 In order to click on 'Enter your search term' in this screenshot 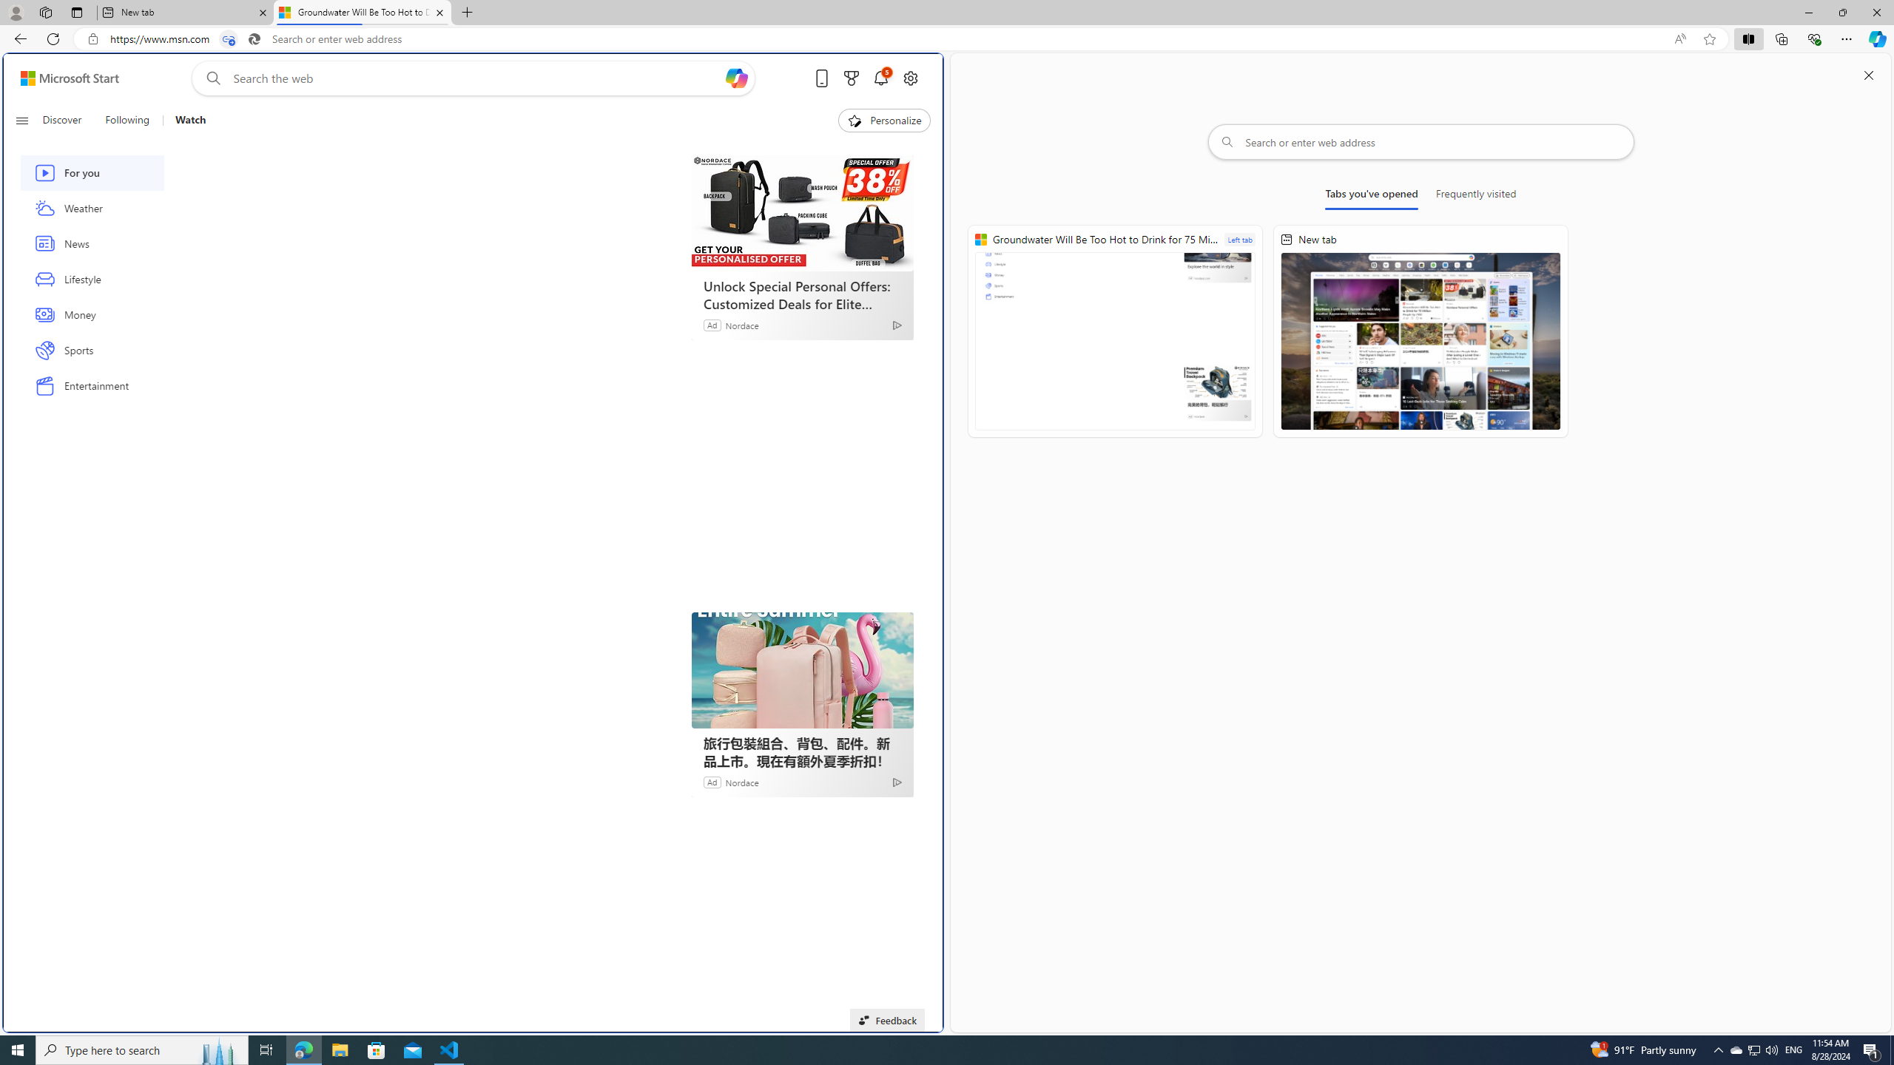, I will do `click(476, 77)`.